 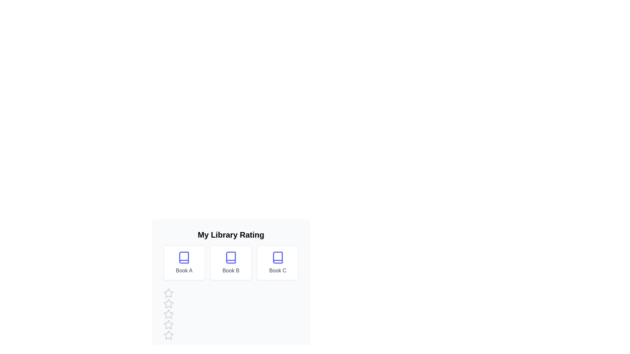 I want to click on the star corresponding to 3 to preview the rating, so click(x=168, y=314).